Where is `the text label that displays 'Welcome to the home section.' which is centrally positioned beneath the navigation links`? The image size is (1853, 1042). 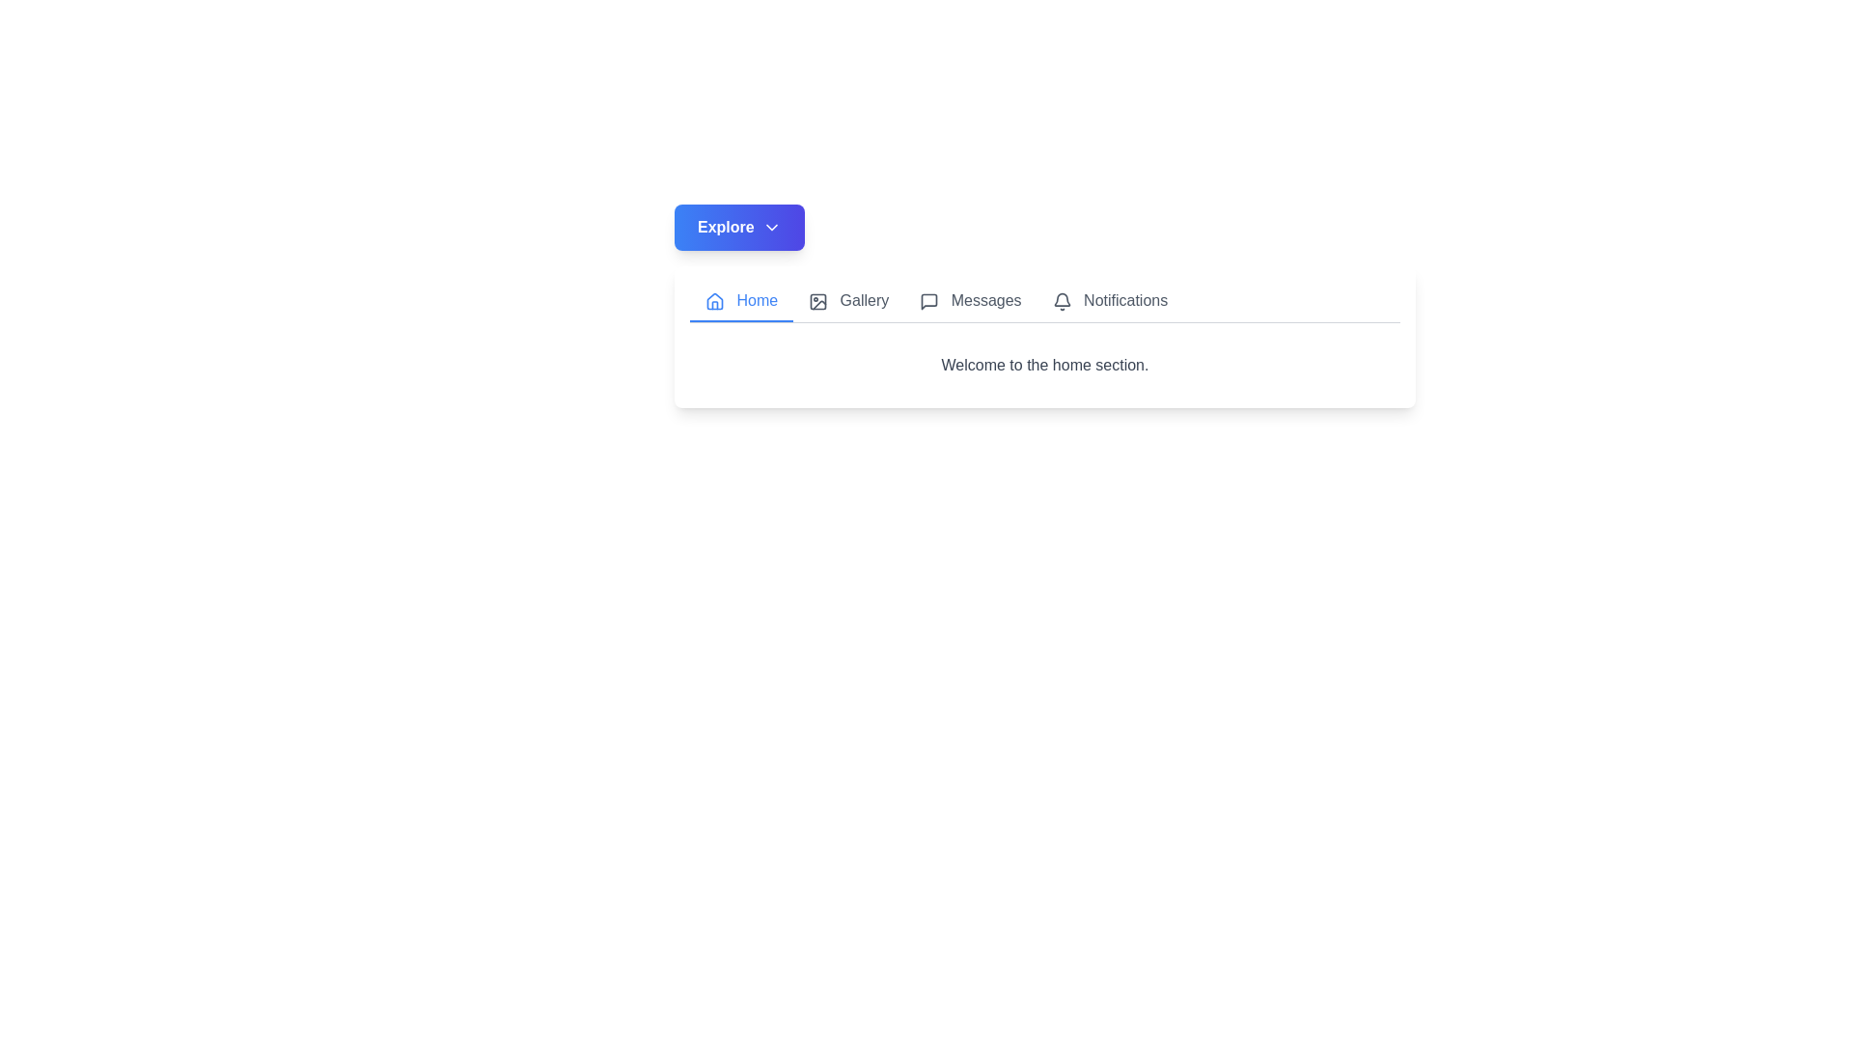 the text label that displays 'Welcome to the home section.' which is centrally positioned beneath the navigation links is located at coordinates (1044, 365).